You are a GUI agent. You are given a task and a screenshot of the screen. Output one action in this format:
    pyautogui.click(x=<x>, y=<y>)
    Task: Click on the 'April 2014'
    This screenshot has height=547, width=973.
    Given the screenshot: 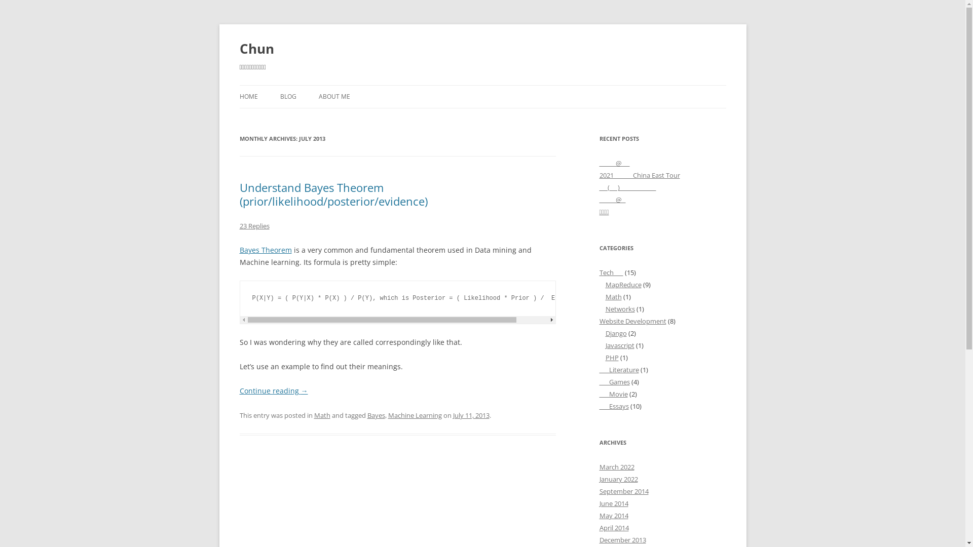 What is the action you would take?
    pyautogui.click(x=613, y=527)
    